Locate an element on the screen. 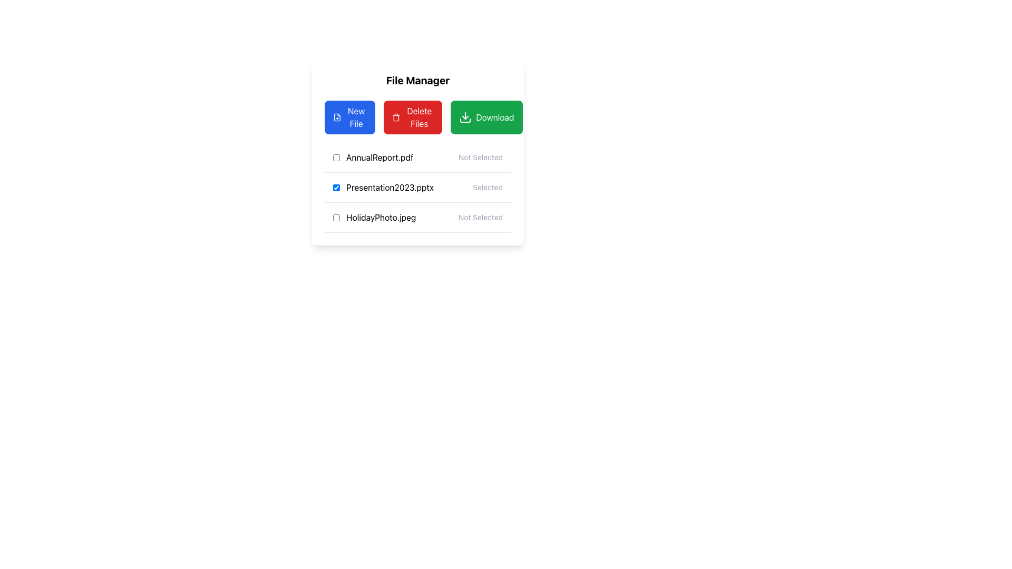 This screenshot has width=1012, height=569. the text label displaying the file name 'HolidayPhoto.jpeg' to select it is located at coordinates (374, 217).